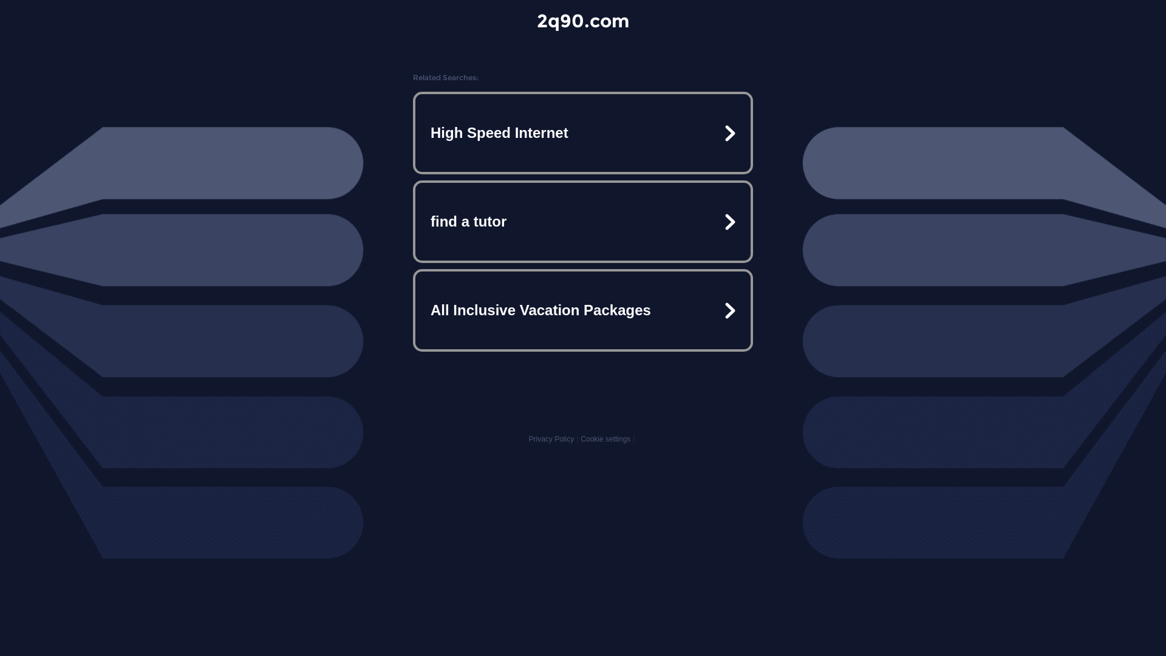  What do you see at coordinates (583, 21) in the screenshot?
I see `'2q90.com'` at bounding box center [583, 21].